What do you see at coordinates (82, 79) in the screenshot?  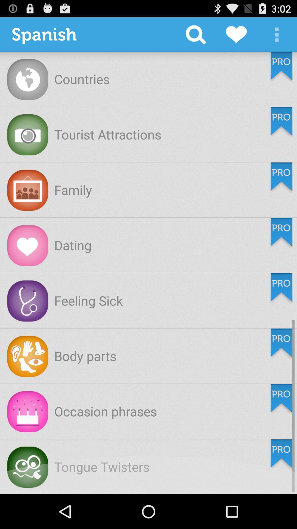 I see `countries` at bounding box center [82, 79].